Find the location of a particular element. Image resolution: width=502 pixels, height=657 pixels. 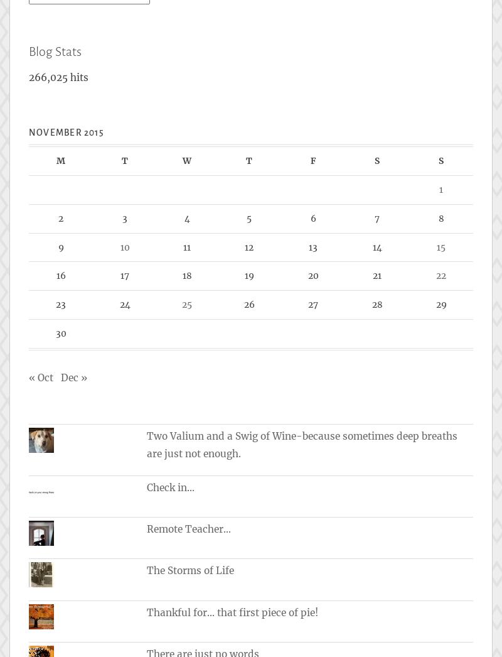

'19' is located at coordinates (248, 275).